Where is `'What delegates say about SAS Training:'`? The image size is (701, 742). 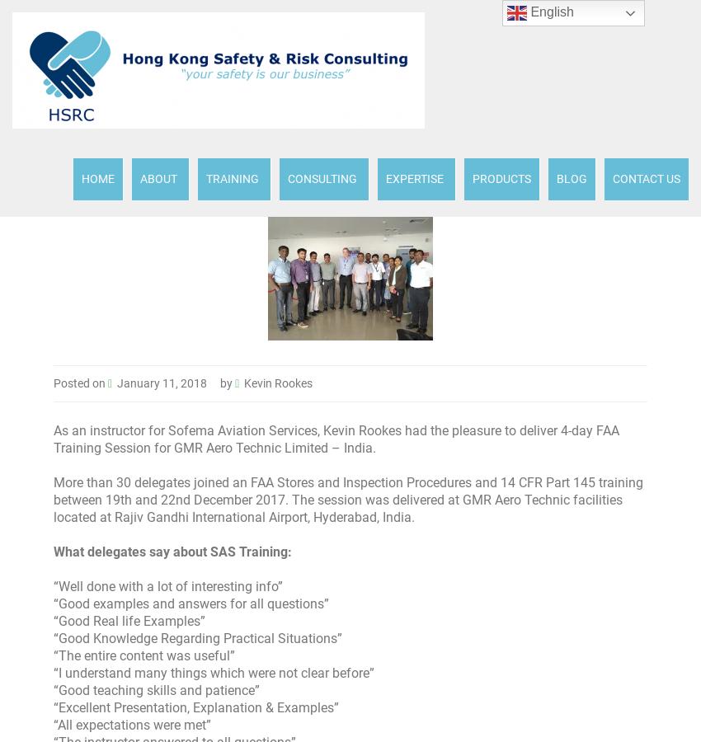 'What delegates say about SAS Training:' is located at coordinates (172, 552).